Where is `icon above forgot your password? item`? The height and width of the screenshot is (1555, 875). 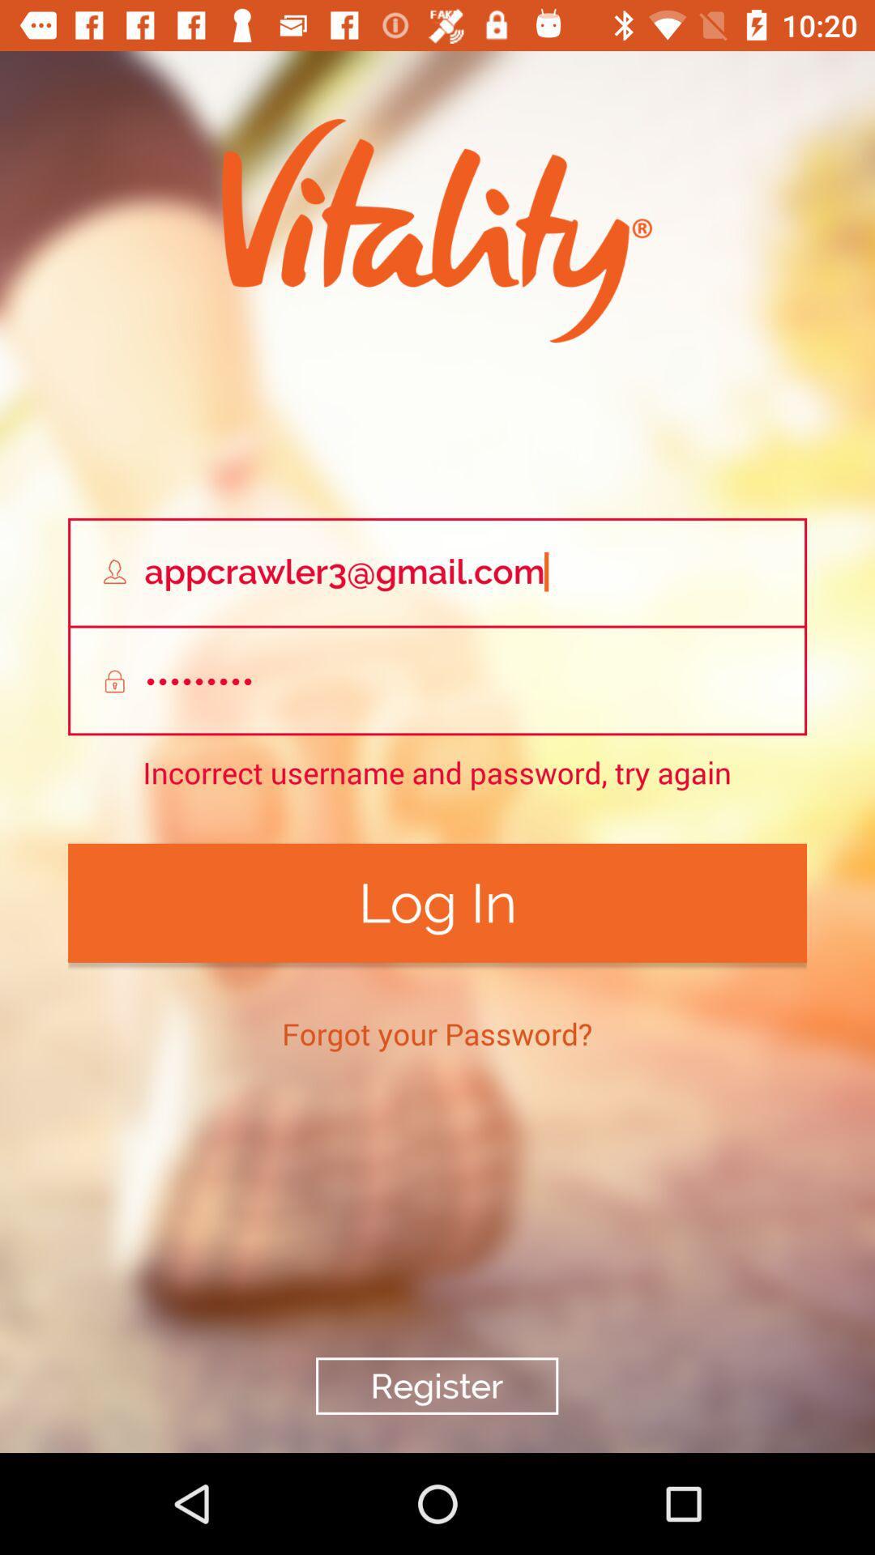
icon above forgot your password? item is located at coordinates (437, 902).